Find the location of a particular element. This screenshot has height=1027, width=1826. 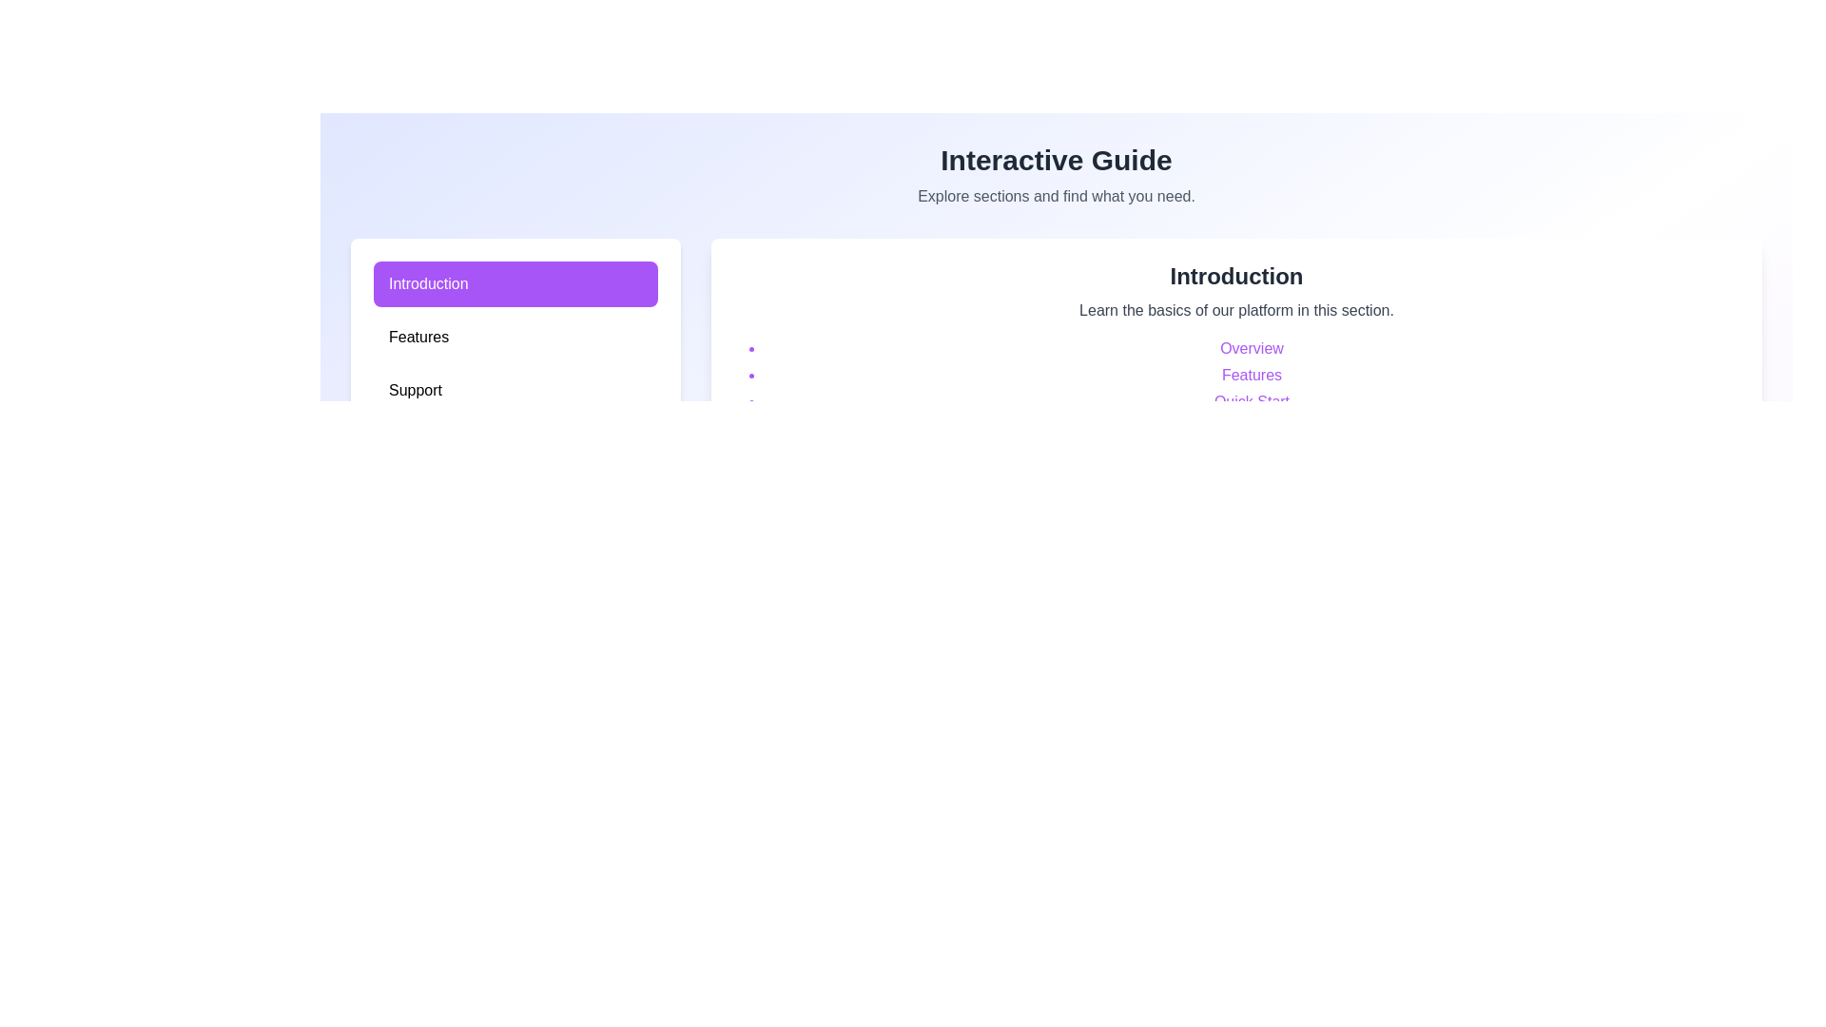

the third item in the vertically stacked list within the 'Introduction' section, which serves as a navigational reference or descriptor, located below the 'Features' list item is located at coordinates (1252, 401).